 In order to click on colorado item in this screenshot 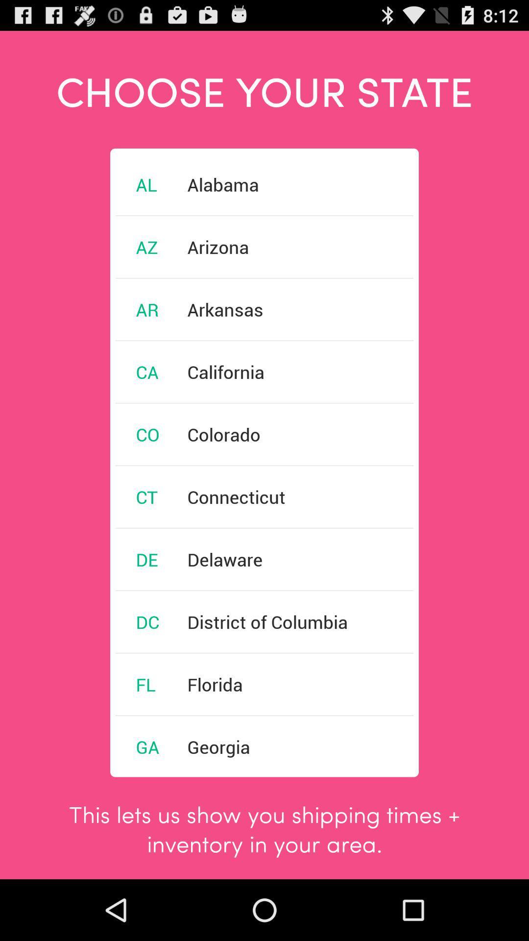, I will do `click(224, 434)`.